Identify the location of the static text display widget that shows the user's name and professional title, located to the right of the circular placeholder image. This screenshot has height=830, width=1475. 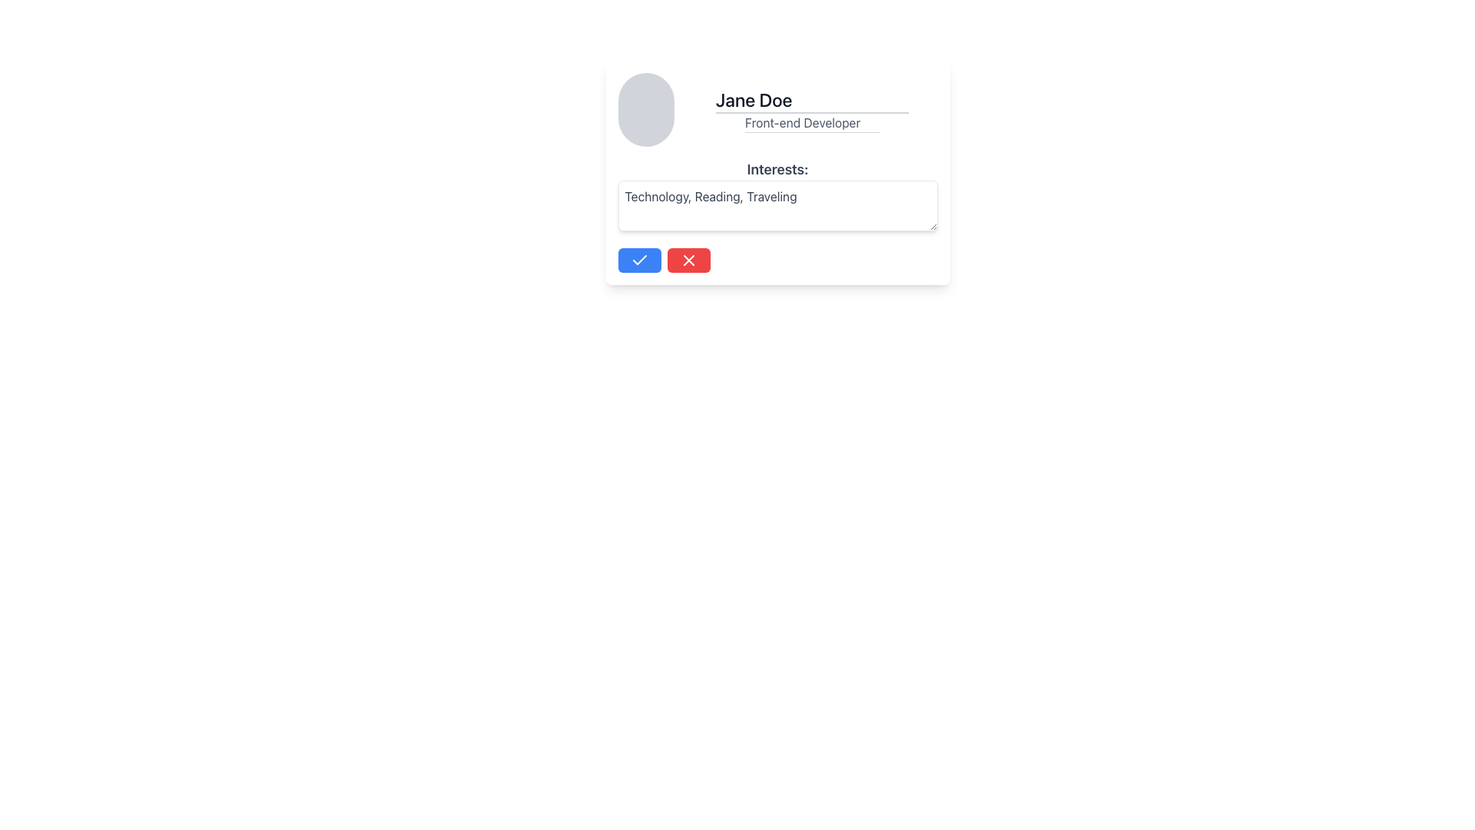
(811, 108).